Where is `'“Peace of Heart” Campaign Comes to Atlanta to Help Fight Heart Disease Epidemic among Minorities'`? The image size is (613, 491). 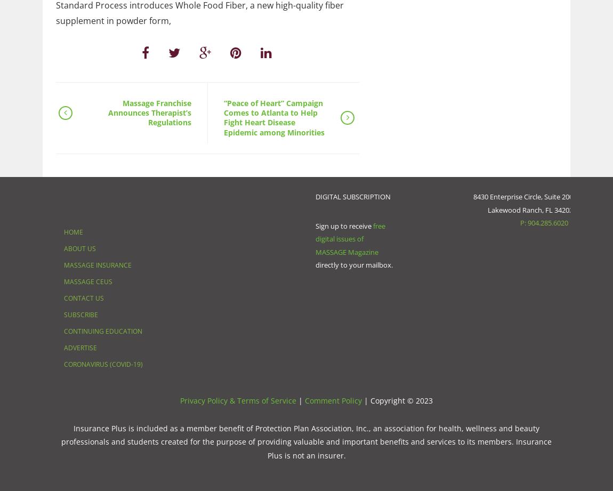
'“Peace of Heart” Campaign Comes to Atlanta to Help Fight Heart Disease Epidemic among Minorities' is located at coordinates (223, 117).